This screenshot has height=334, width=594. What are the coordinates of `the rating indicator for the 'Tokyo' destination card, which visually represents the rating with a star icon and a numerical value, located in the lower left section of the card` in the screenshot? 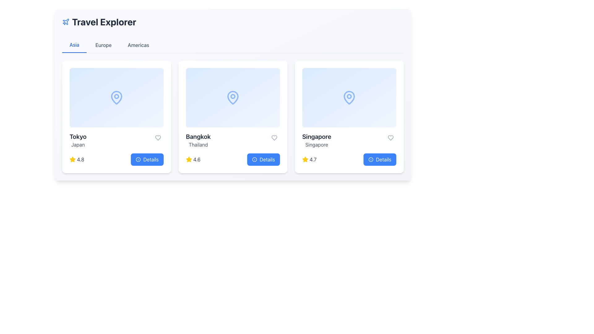 It's located at (76, 159).